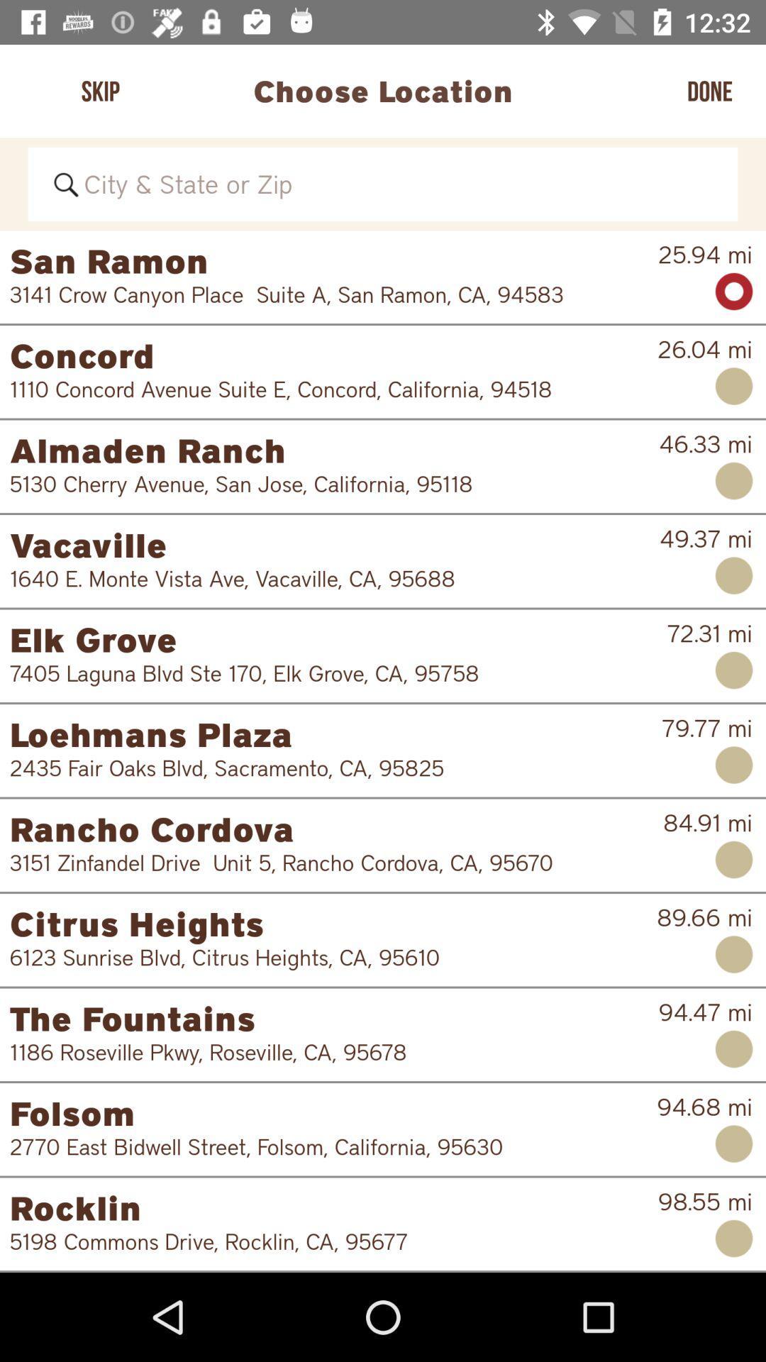 The height and width of the screenshot is (1362, 766). Describe the element at coordinates (383, 183) in the screenshot. I see `search bar for city states or zip` at that location.